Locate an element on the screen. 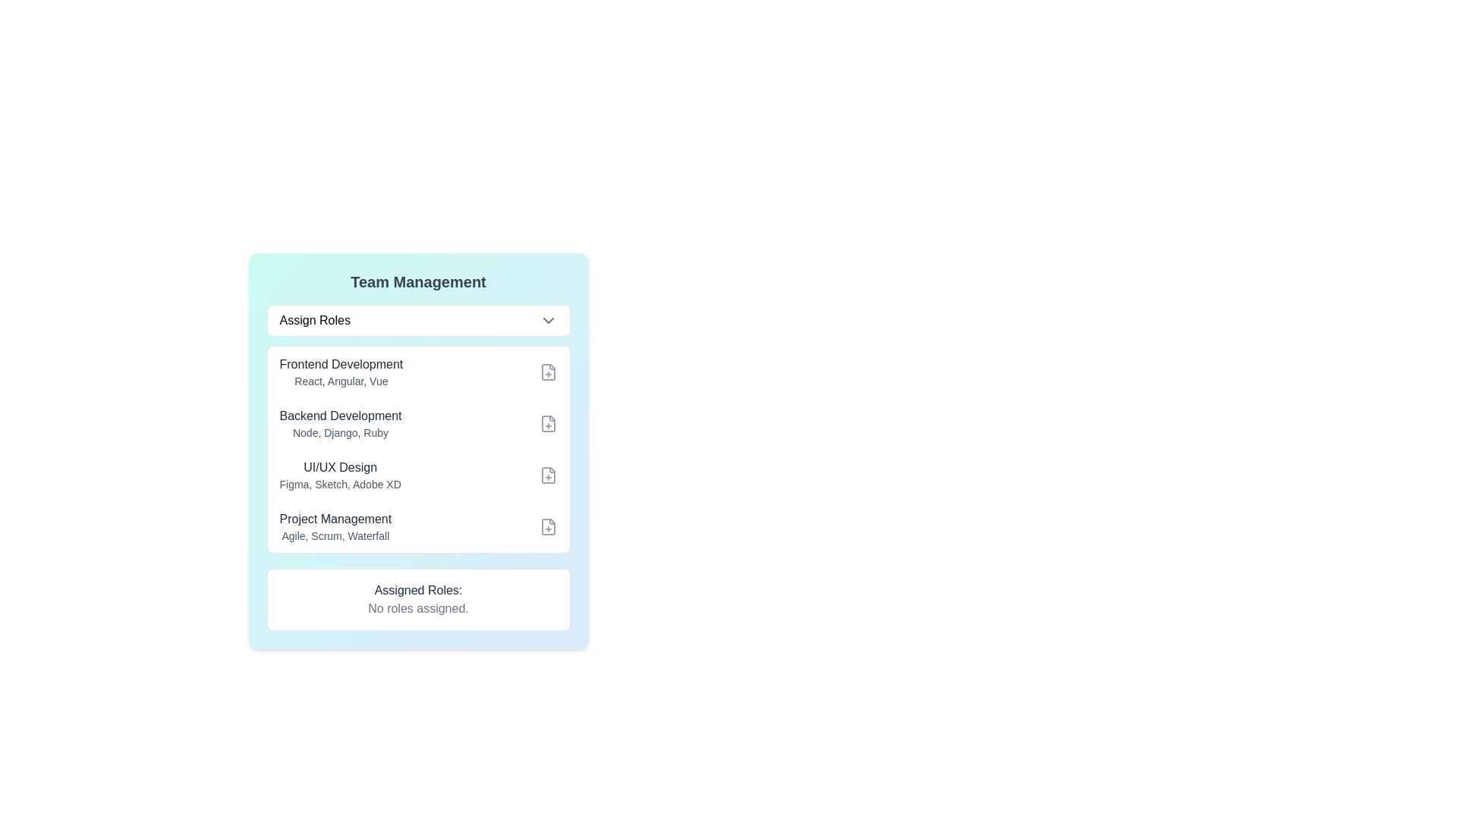  the informational text box indicating that no roles are currently assigned to a team member, located at the bottom of the 'Team Management' box is located at coordinates (418, 598).